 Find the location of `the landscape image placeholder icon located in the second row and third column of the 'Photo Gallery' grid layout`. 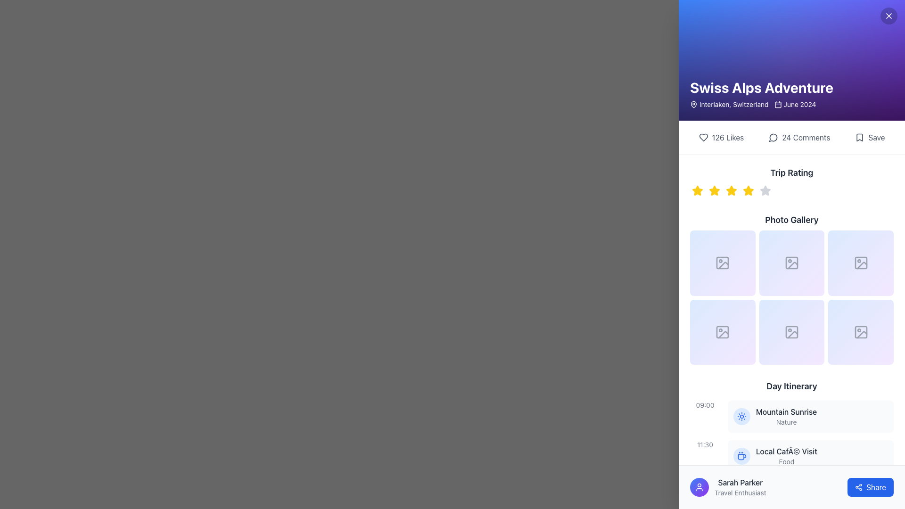

the landscape image placeholder icon located in the second row and third column of the 'Photo Gallery' grid layout is located at coordinates (792, 332).